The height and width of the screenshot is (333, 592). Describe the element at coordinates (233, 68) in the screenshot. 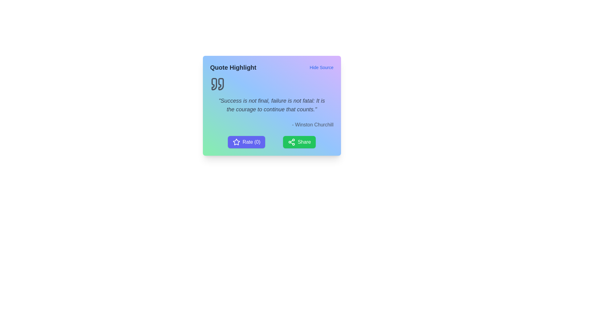

I see `the text label that acts as a title or heading for the section, positioned in the header section of the card and aligned to the left side` at that location.